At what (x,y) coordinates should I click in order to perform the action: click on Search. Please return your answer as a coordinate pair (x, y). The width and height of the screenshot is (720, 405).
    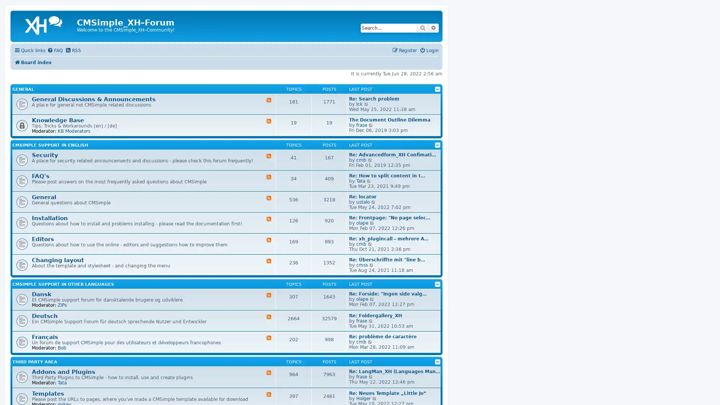
    Looking at the image, I should click on (423, 27).